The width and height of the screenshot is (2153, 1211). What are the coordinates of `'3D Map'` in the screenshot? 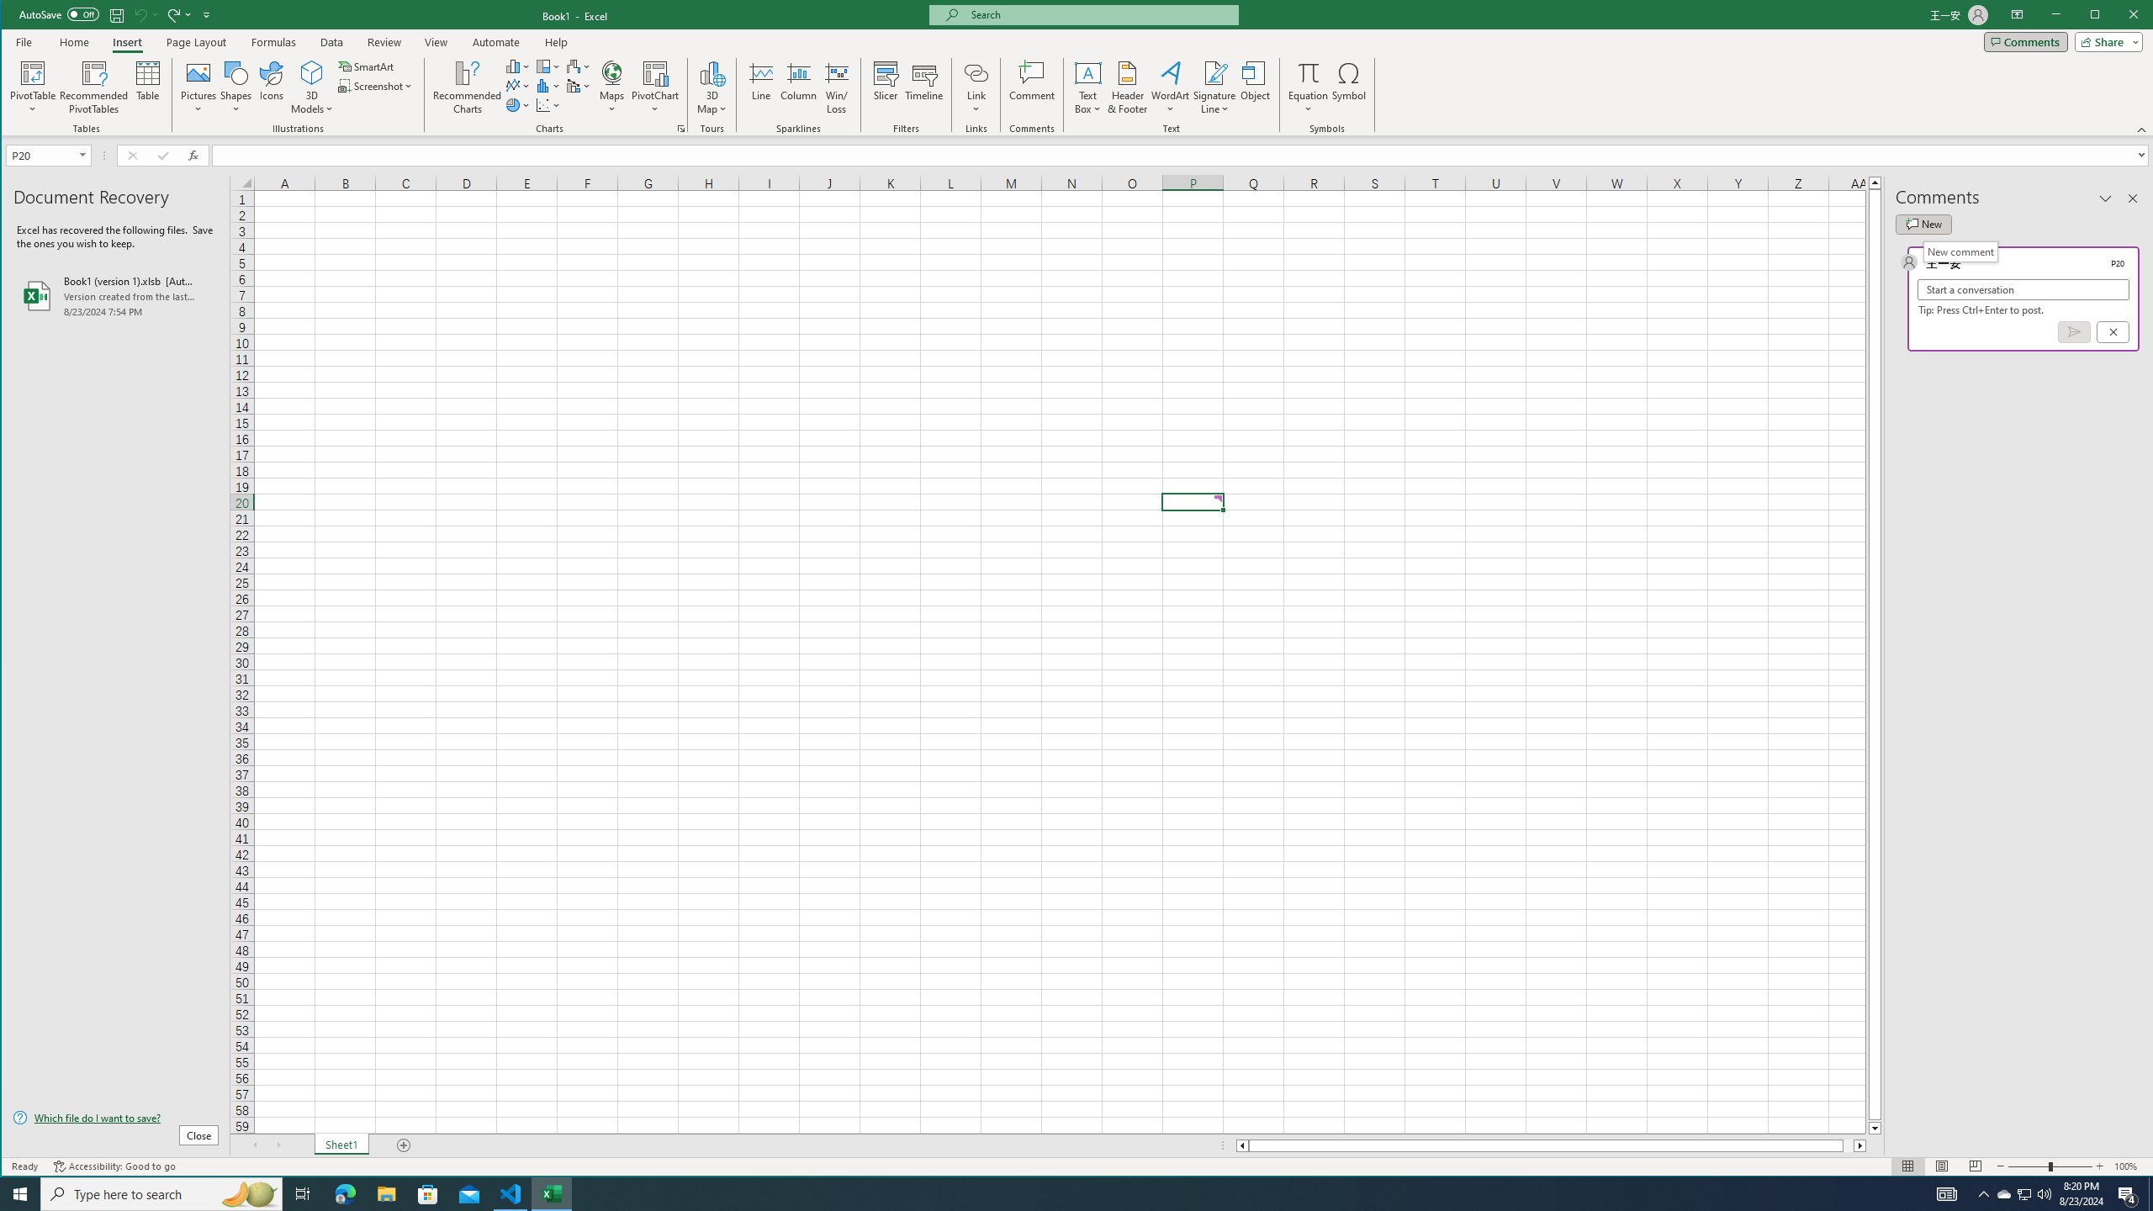 It's located at (712, 87).